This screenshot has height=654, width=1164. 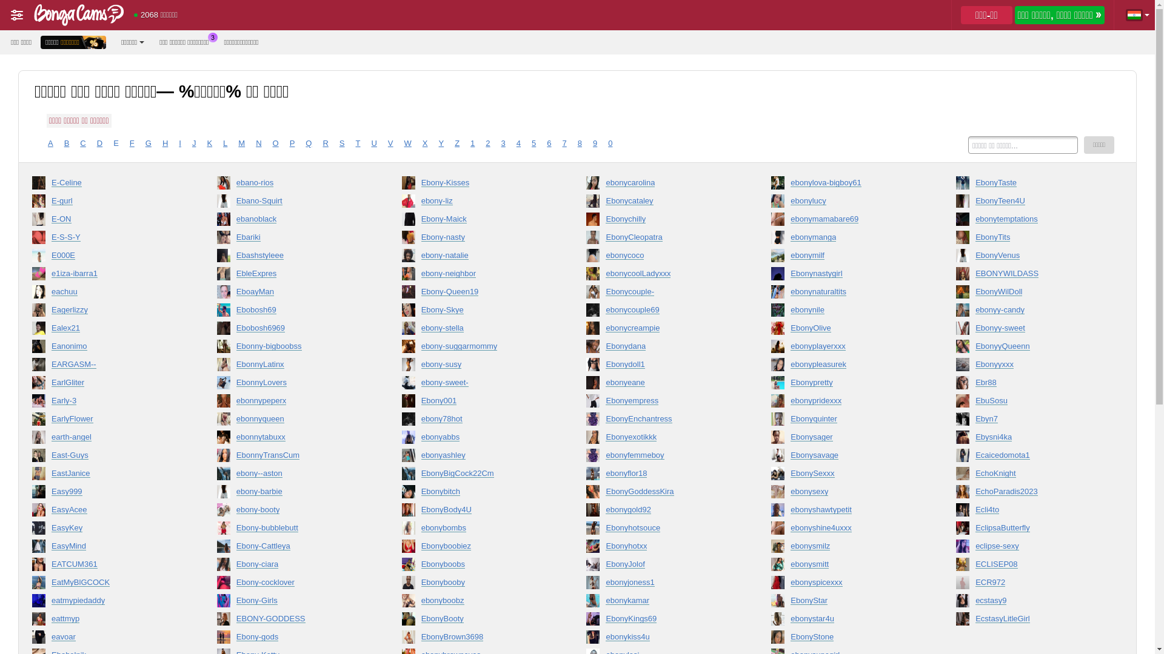 I want to click on 'Ecaicedomota1', so click(x=1030, y=458).